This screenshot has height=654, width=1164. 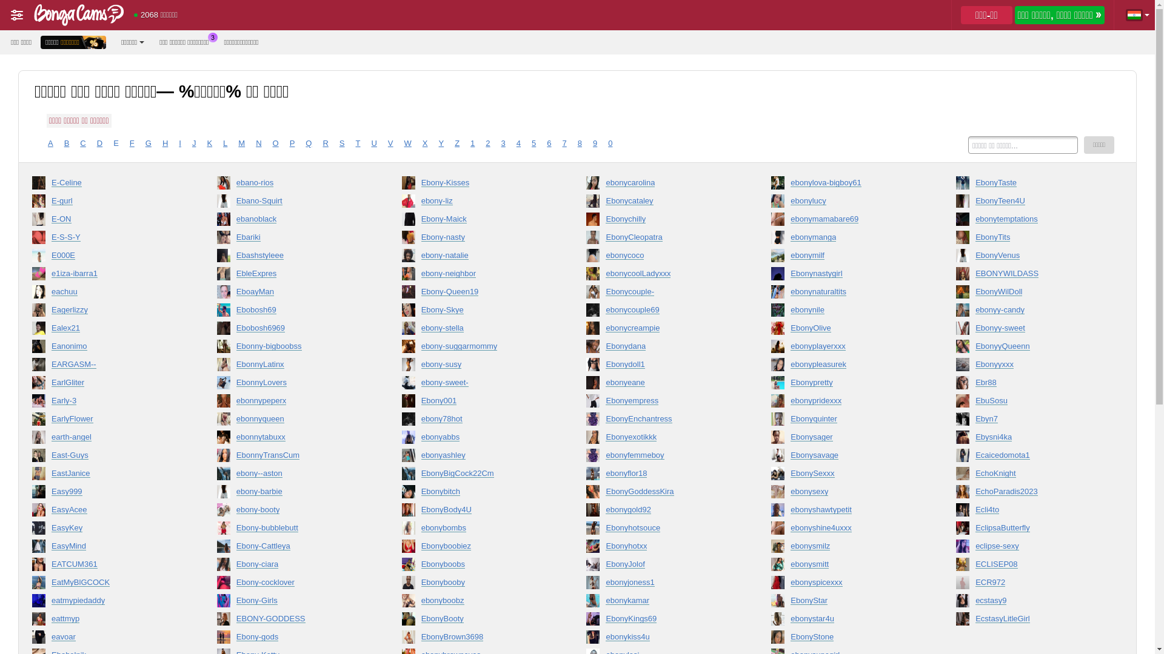 I want to click on 'Ecaicedomota1', so click(x=1030, y=458).